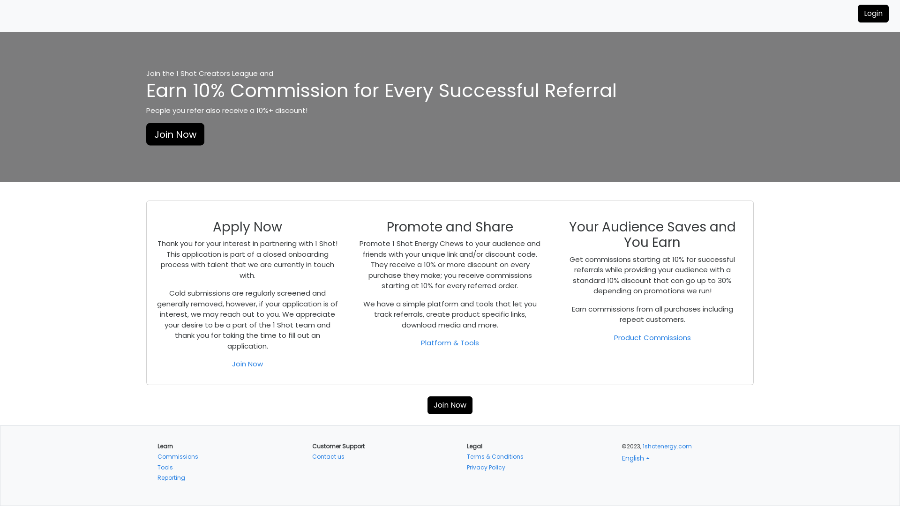 This screenshot has height=506, width=900. Describe the element at coordinates (450, 342) in the screenshot. I see `'Platform & Tools'` at that location.